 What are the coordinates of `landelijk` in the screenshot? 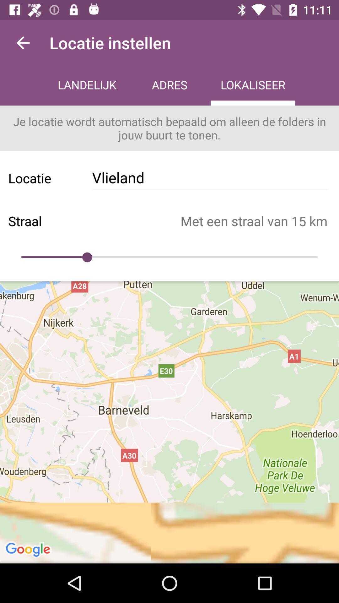 It's located at (87, 85).